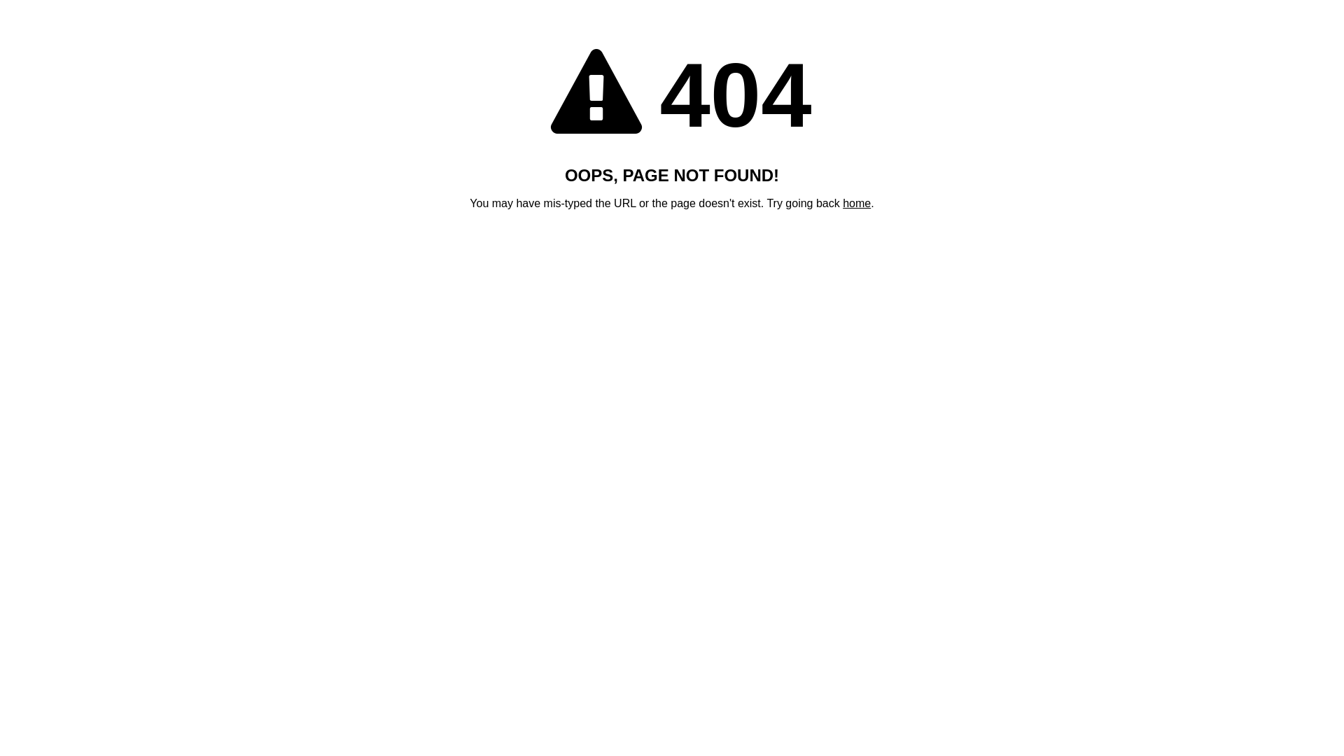 The width and height of the screenshot is (1344, 756). Describe the element at coordinates (856, 203) in the screenshot. I see `'home'` at that location.